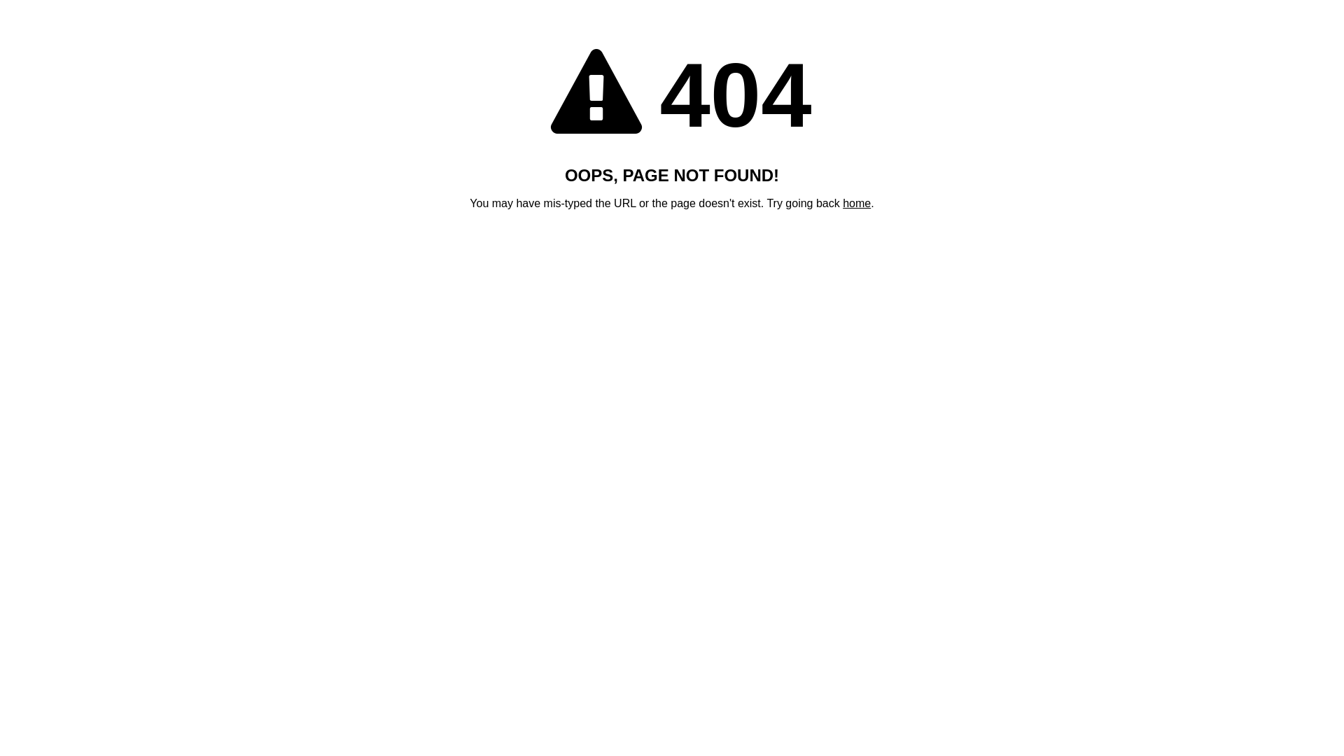 The width and height of the screenshot is (1344, 756). Describe the element at coordinates (856, 203) in the screenshot. I see `'home'` at that location.